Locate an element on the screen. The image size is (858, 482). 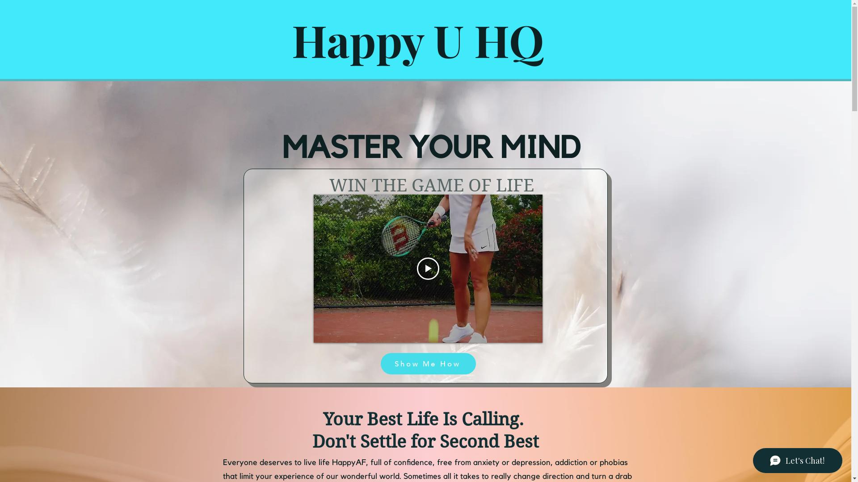
'Show Me How' is located at coordinates (428, 363).